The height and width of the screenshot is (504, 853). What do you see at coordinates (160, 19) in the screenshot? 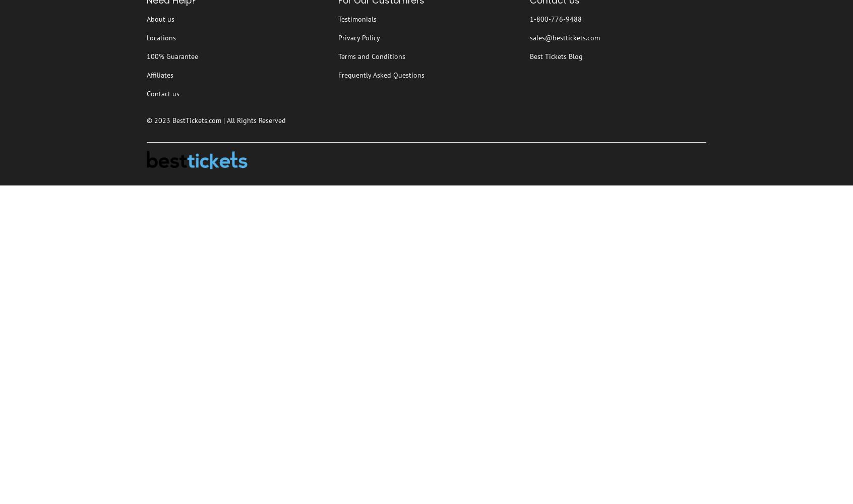
I see `'About us'` at bounding box center [160, 19].